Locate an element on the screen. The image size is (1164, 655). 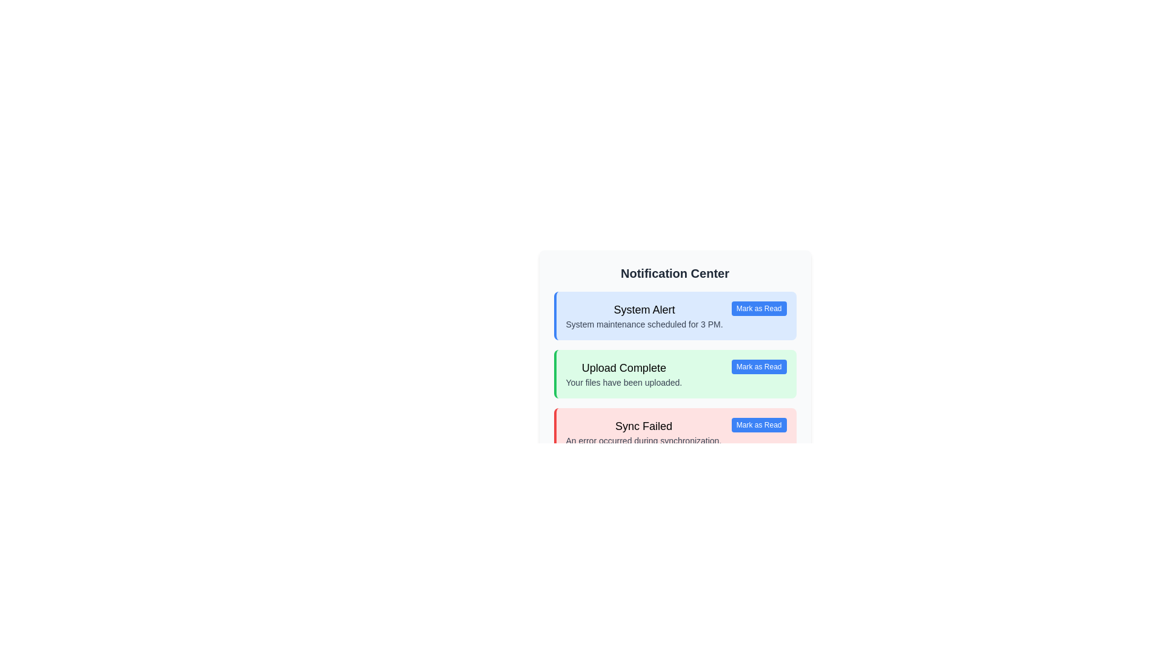
the heading text element is located at coordinates (674, 274).